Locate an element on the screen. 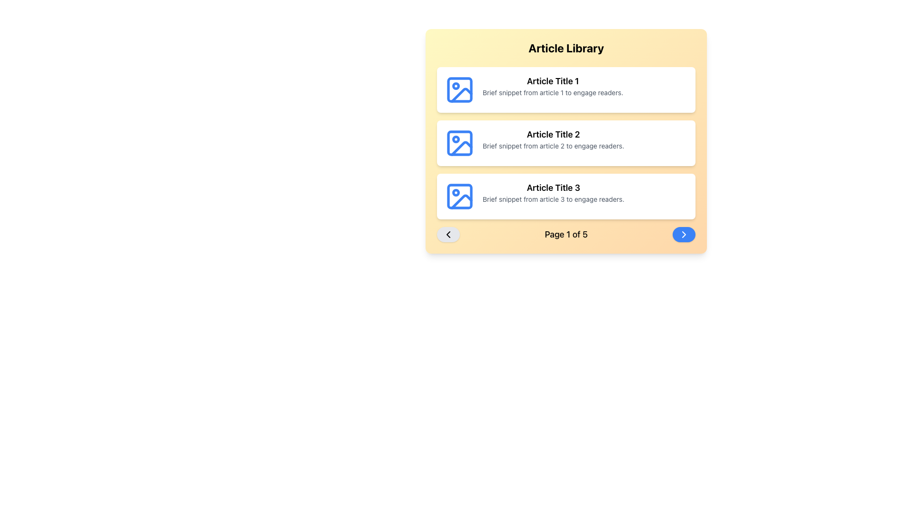  text label providing a summary for 'Article Title 3', located below the article title in the Article Library interface is located at coordinates (553, 199).